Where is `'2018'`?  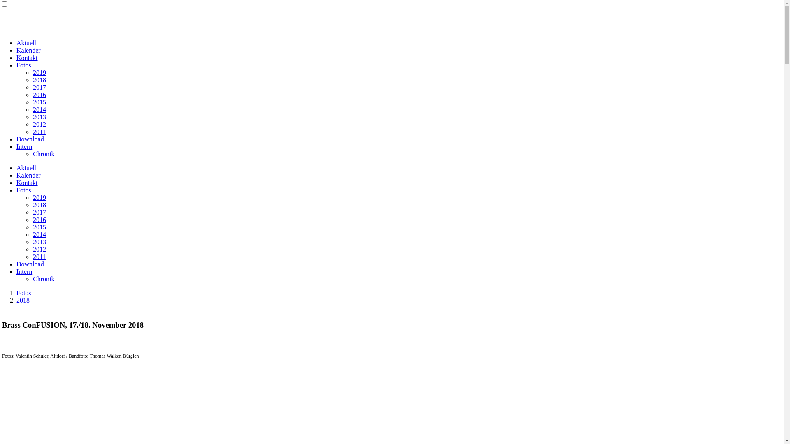
'2018' is located at coordinates (23, 300).